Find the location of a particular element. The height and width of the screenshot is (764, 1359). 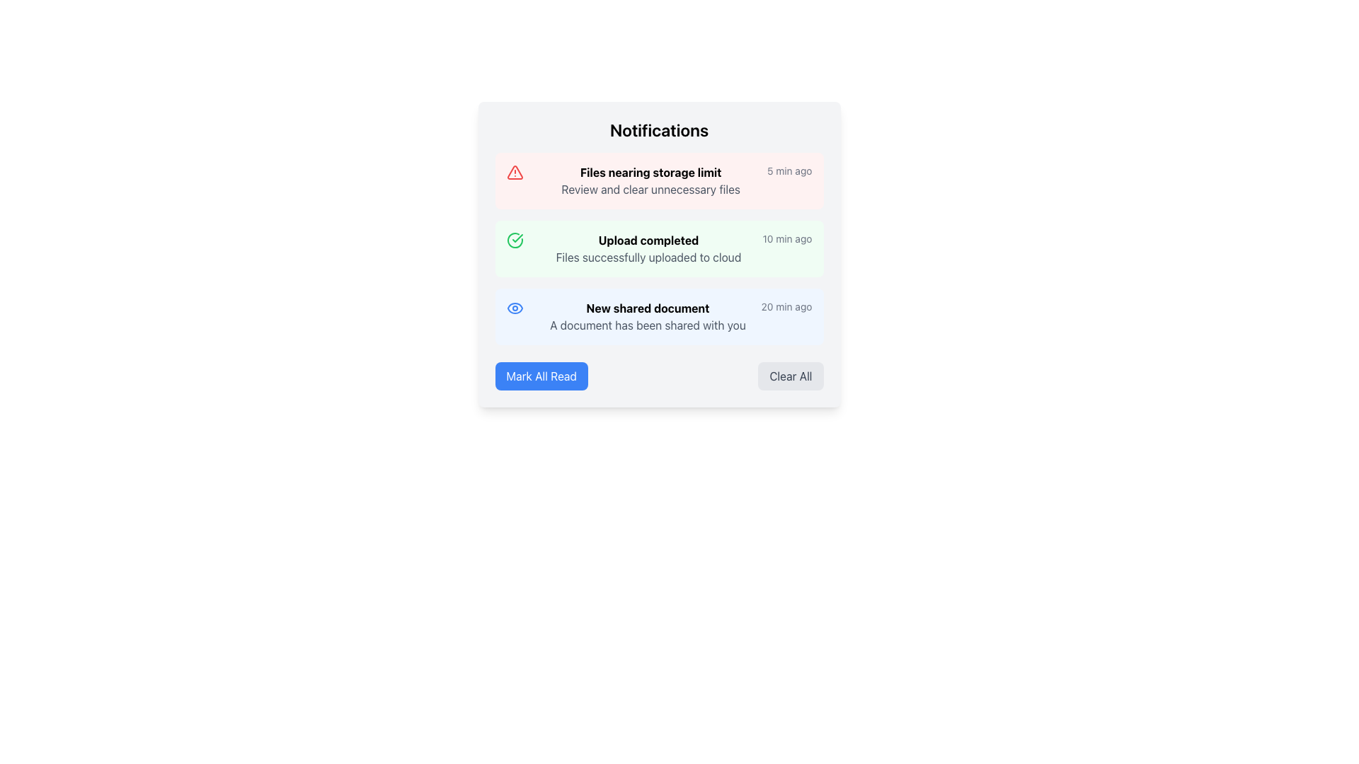

the circular icon with a green outline and a checkmark inside, located to the left of the 'Upload completed' notification is located at coordinates (514, 239).